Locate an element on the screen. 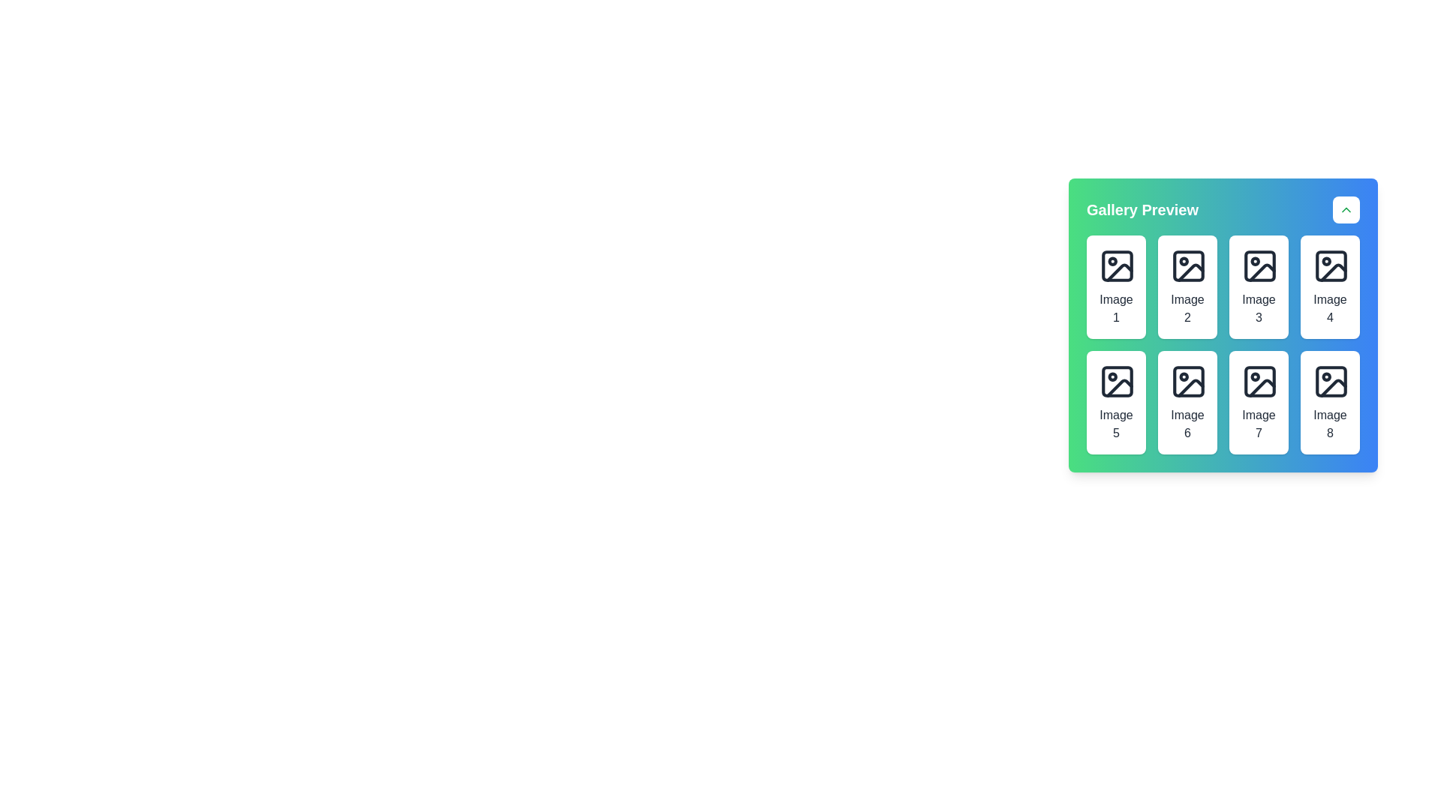 The image size is (1441, 810). the first card in the Gallery Preview that represents 'Image 1' is located at coordinates (1116, 286).